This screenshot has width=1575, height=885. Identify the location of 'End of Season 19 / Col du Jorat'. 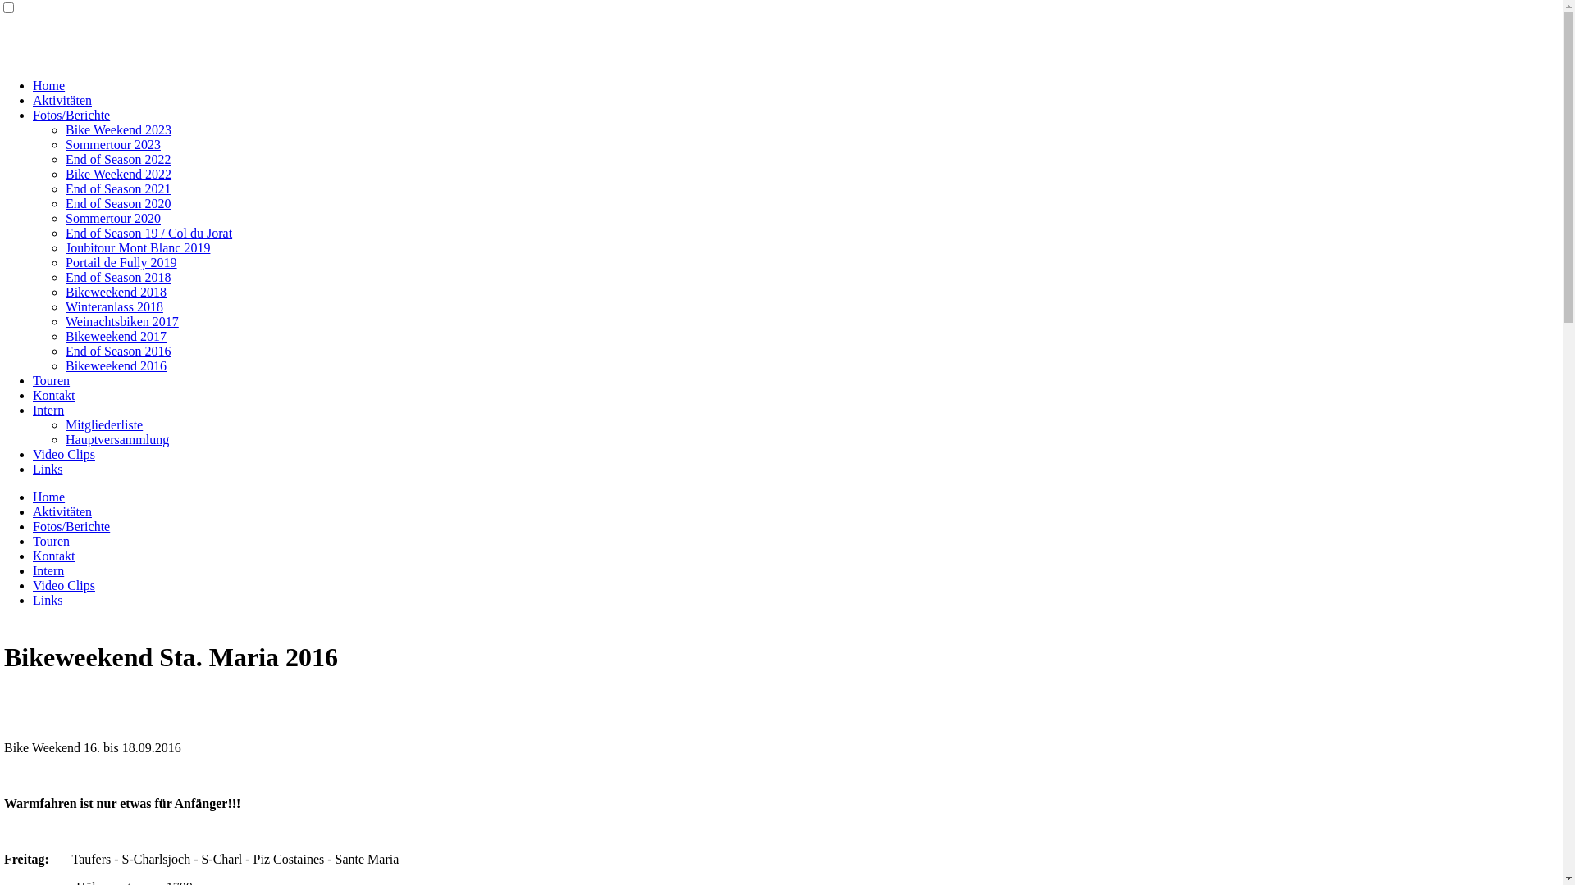
(148, 233).